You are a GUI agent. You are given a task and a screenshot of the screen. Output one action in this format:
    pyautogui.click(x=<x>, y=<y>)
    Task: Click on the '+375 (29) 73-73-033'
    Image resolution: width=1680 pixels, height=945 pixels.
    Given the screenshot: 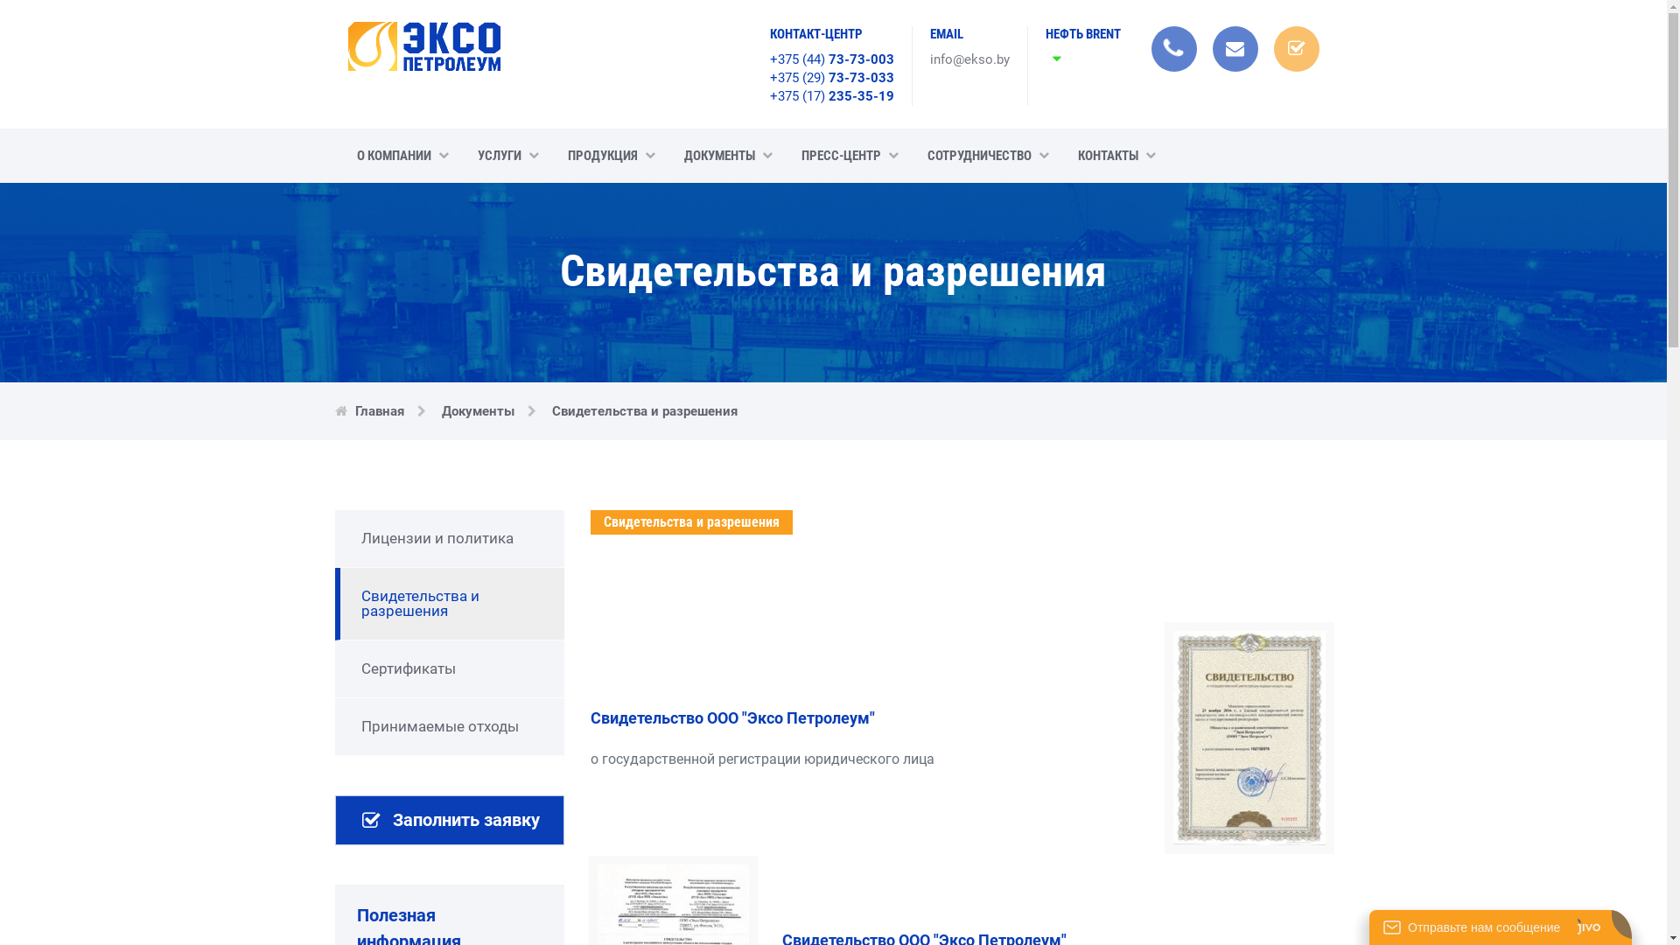 What is the action you would take?
    pyautogui.click(x=830, y=76)
    